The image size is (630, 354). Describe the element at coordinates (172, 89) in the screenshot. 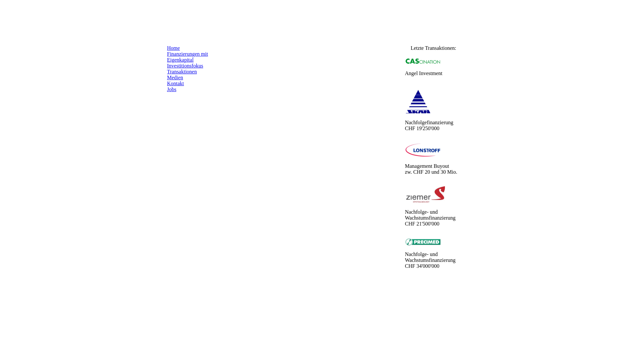

I see `'Jobs'` at that location.